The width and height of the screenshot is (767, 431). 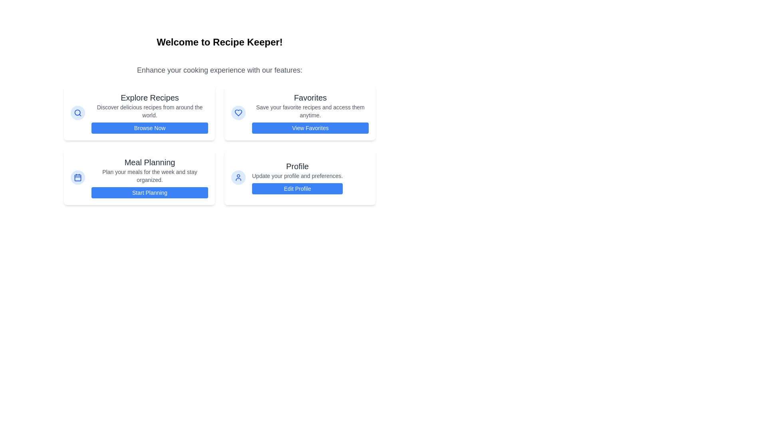 I want to click on information text in the 'Meal Planning' card, which contains guidance for planning meals for the week, so click(x=149, y=177).